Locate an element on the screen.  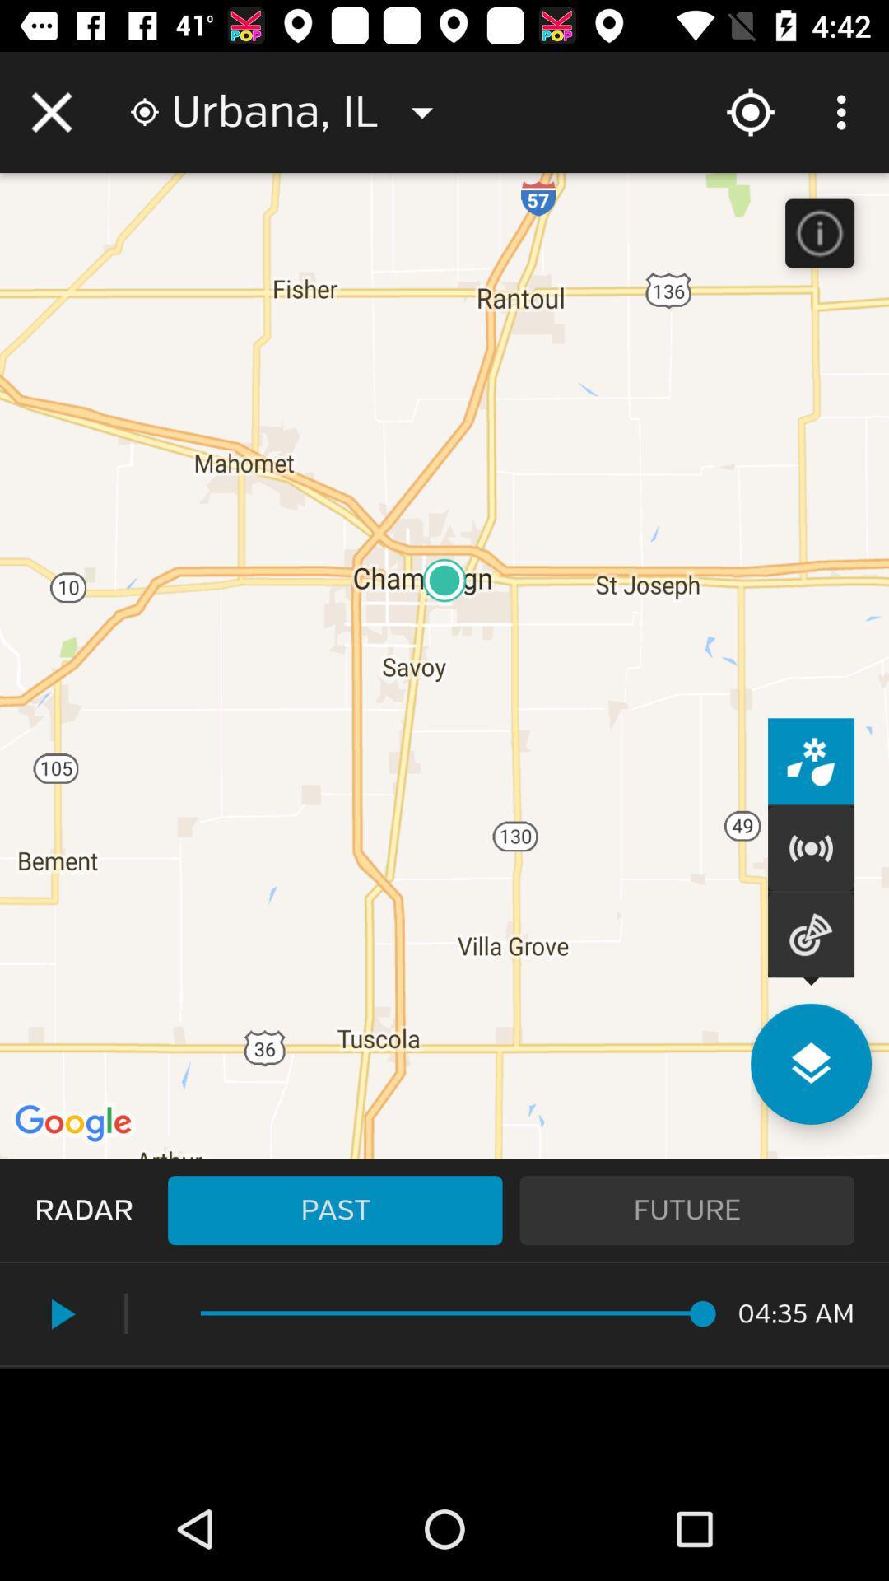
the layers icon is located at coordinates (810, 1064).